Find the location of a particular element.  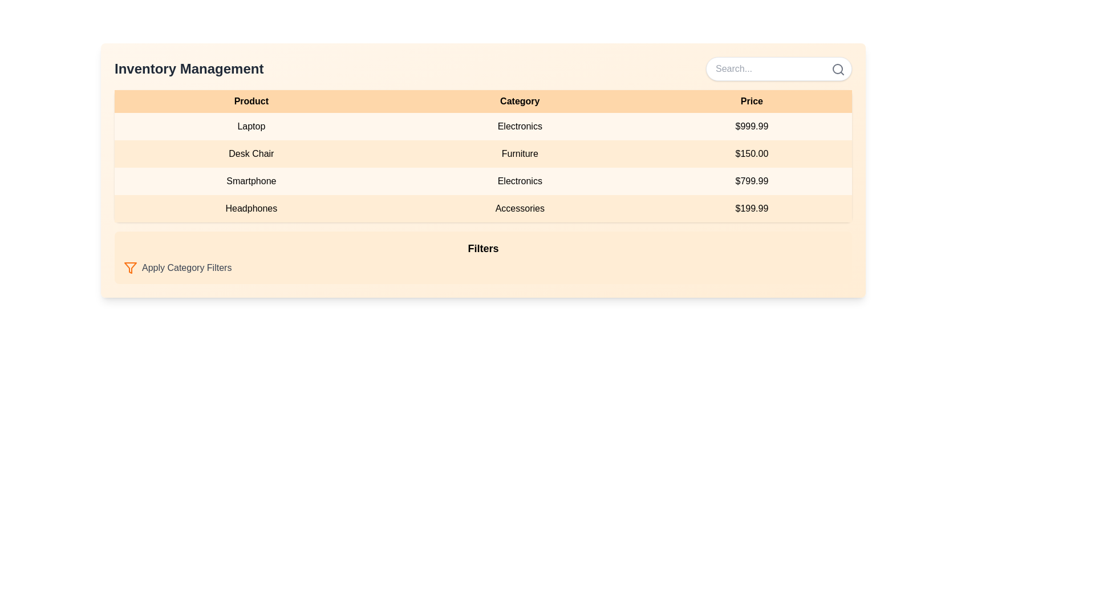

header text 'Product' from the bold header label displayed on a darker background bar at the top left of the table is located at coordinates (250, 100).